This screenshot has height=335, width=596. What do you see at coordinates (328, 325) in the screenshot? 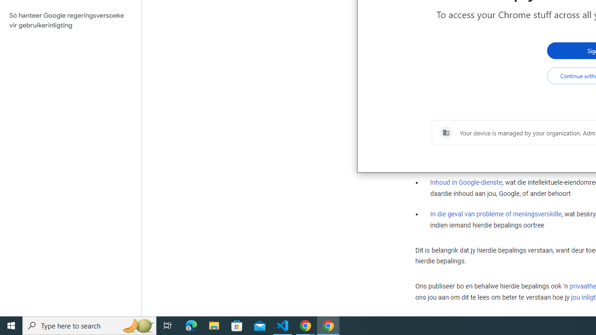
I see `'Google Chrome - 1 running window'` at bounding box center [328, 325].